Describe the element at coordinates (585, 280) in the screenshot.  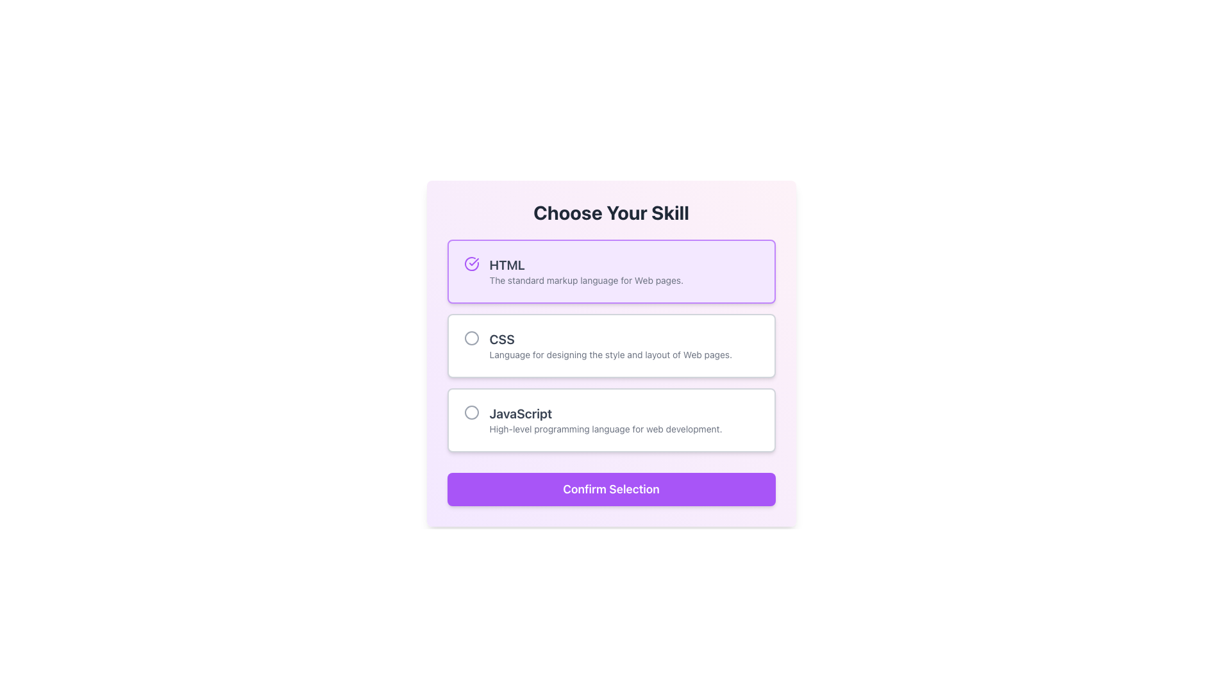
I see `the text label providing descriptive information about 'HTML', located below the 'HTML' text in the purple-bordered area of the skill options` at that location.